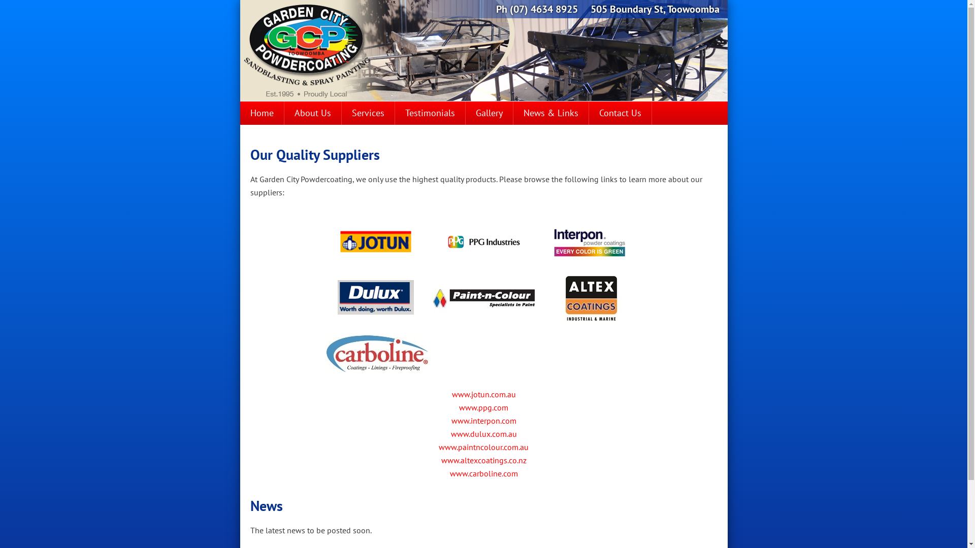 The height and width of the screenshot is (548, 975). I want to click on 'www.altexcoatings.co.nz', so click(482, 460).